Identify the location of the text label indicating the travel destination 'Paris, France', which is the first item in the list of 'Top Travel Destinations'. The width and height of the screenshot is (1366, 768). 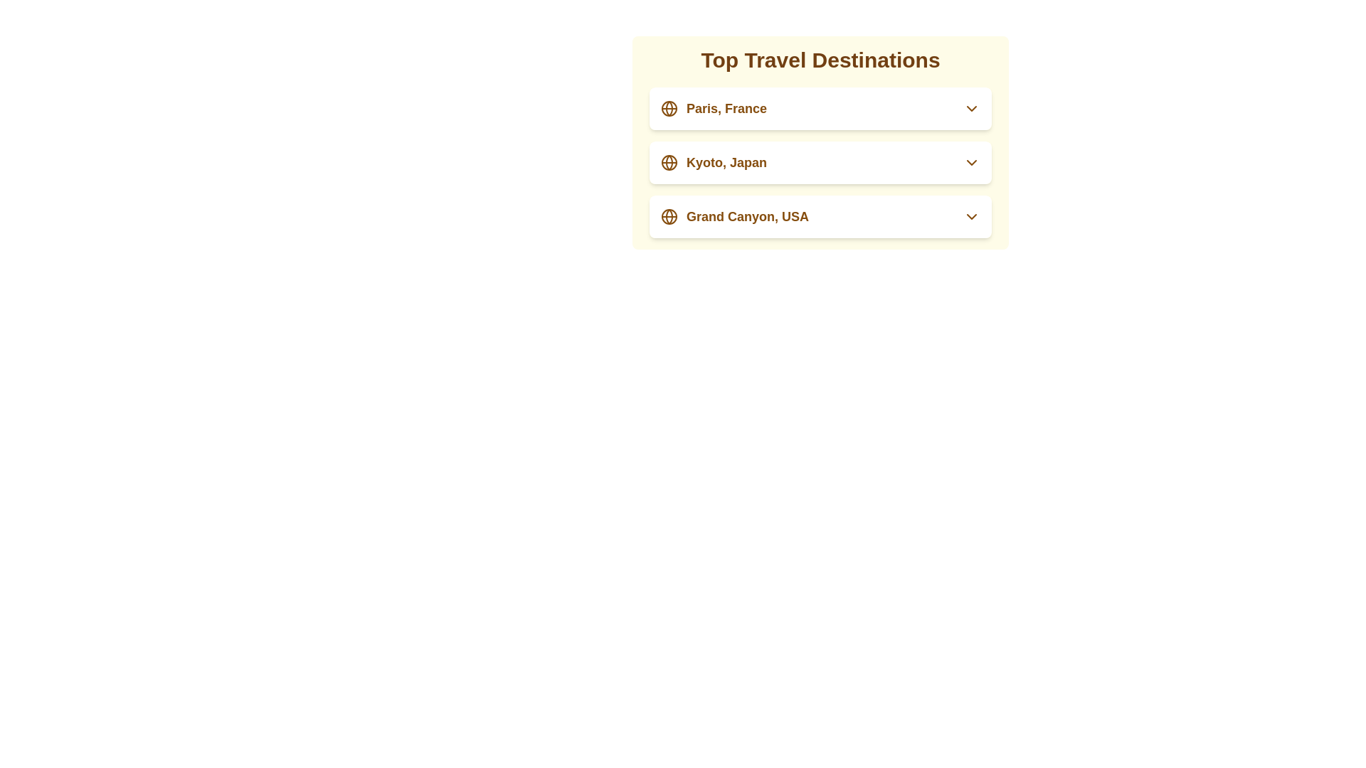
(726, 108).